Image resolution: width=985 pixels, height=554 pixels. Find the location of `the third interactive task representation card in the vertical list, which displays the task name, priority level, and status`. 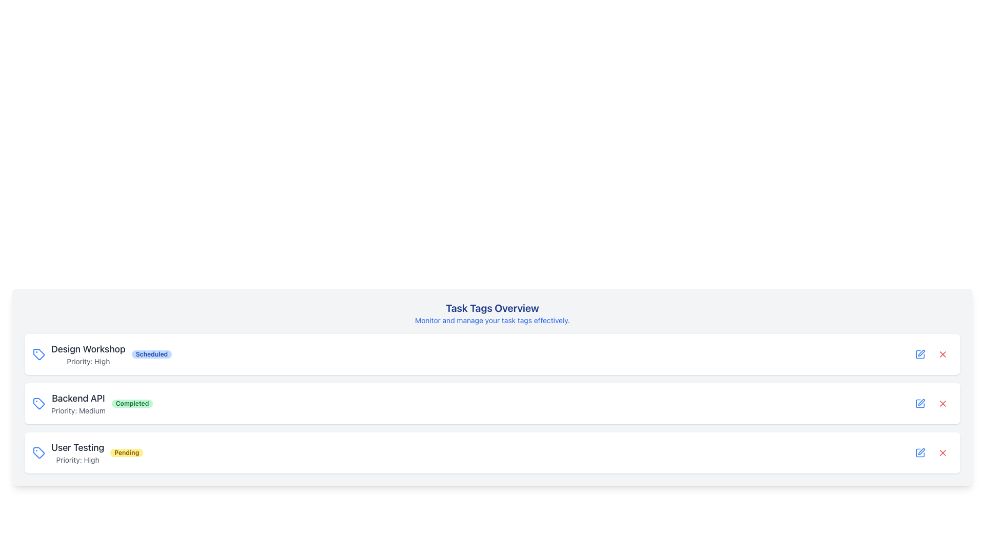

the third interactive task representation card in the vertical list, which displays the task name, priority level, and status is located at coordinates (493, 452).